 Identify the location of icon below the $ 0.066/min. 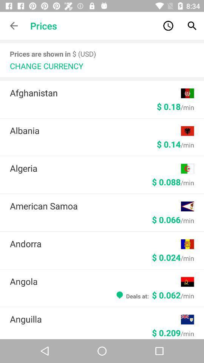
(95, 243).